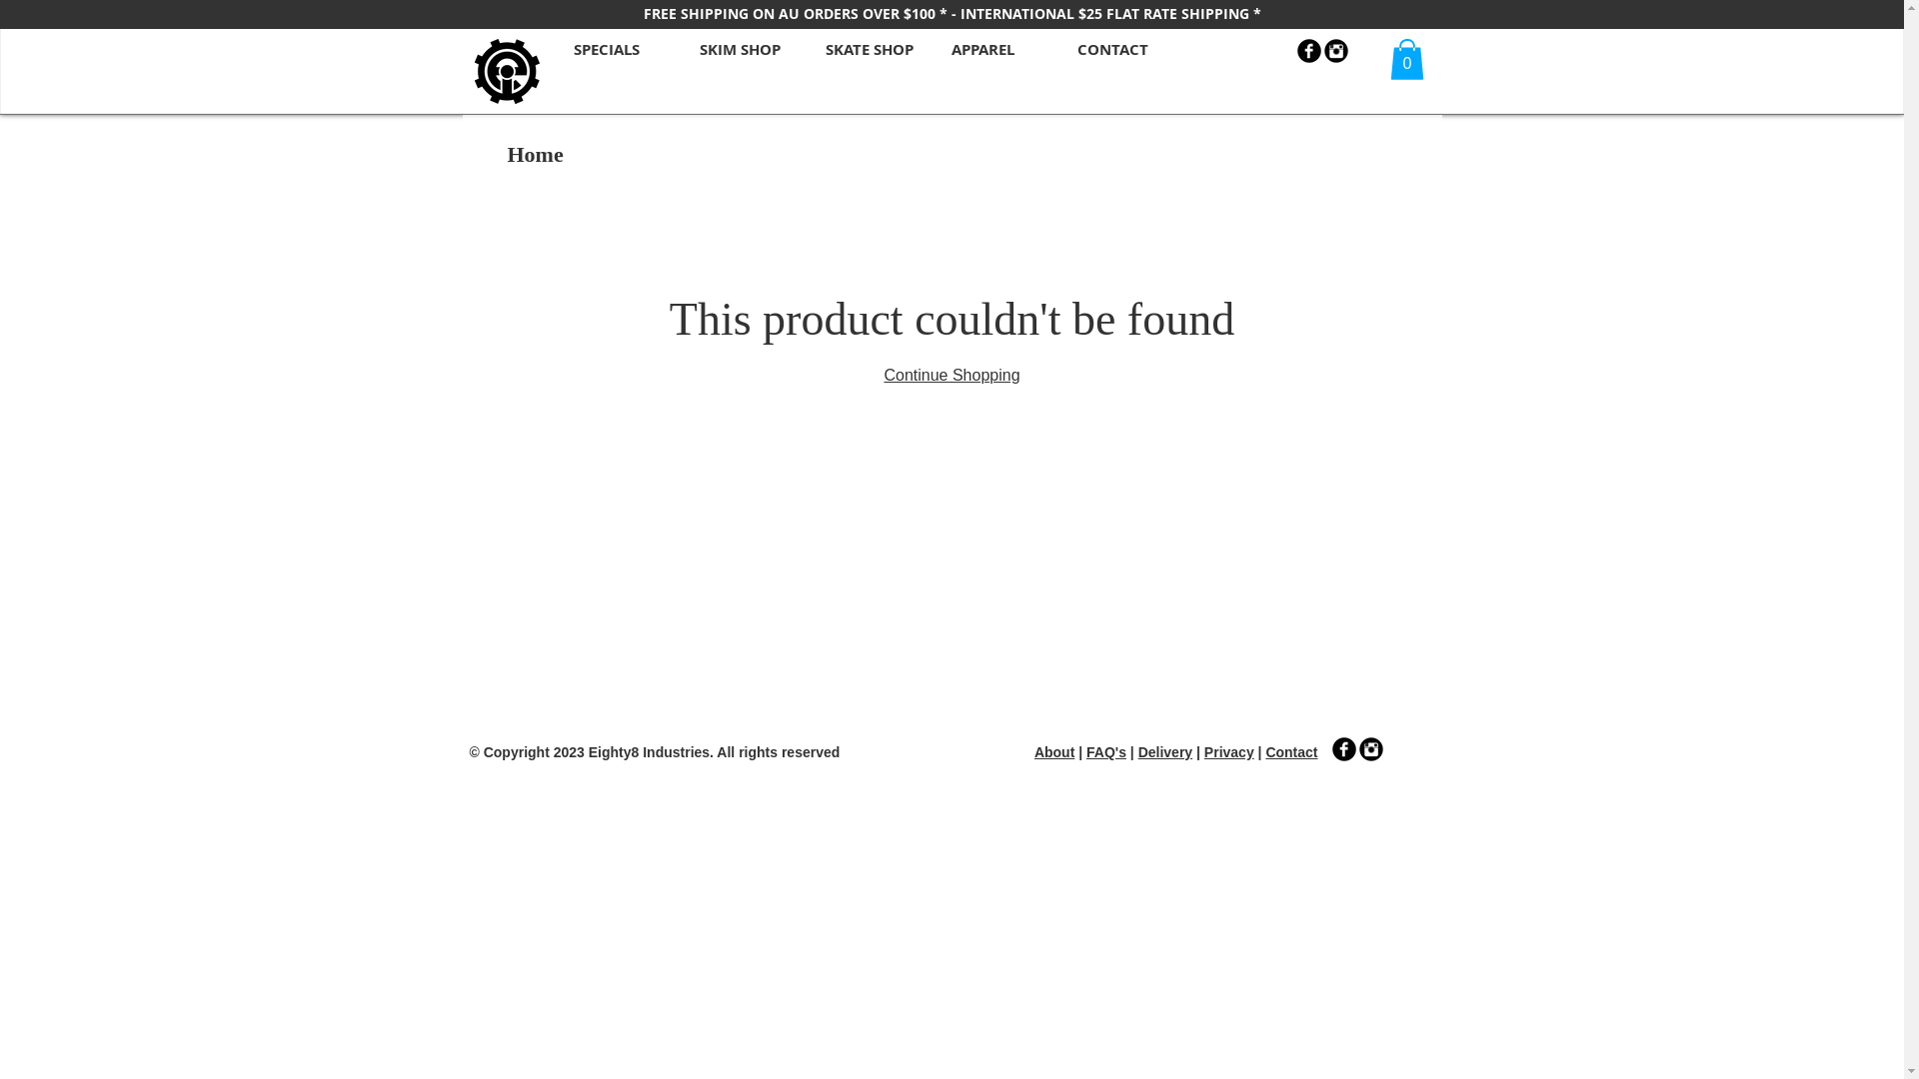 This screenshot has width=1919, height=1079. What do you see at coordinates (993, 45) in the screenshot?
I see `'APPAREL'` at bounding box center [993, 45].